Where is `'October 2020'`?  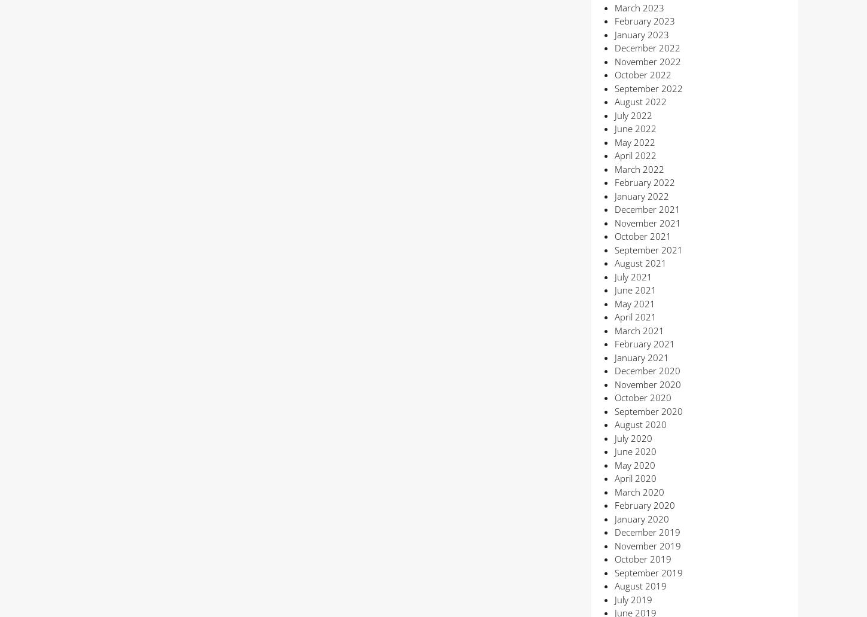 'October 2020' is located at coordinates (642, 397).